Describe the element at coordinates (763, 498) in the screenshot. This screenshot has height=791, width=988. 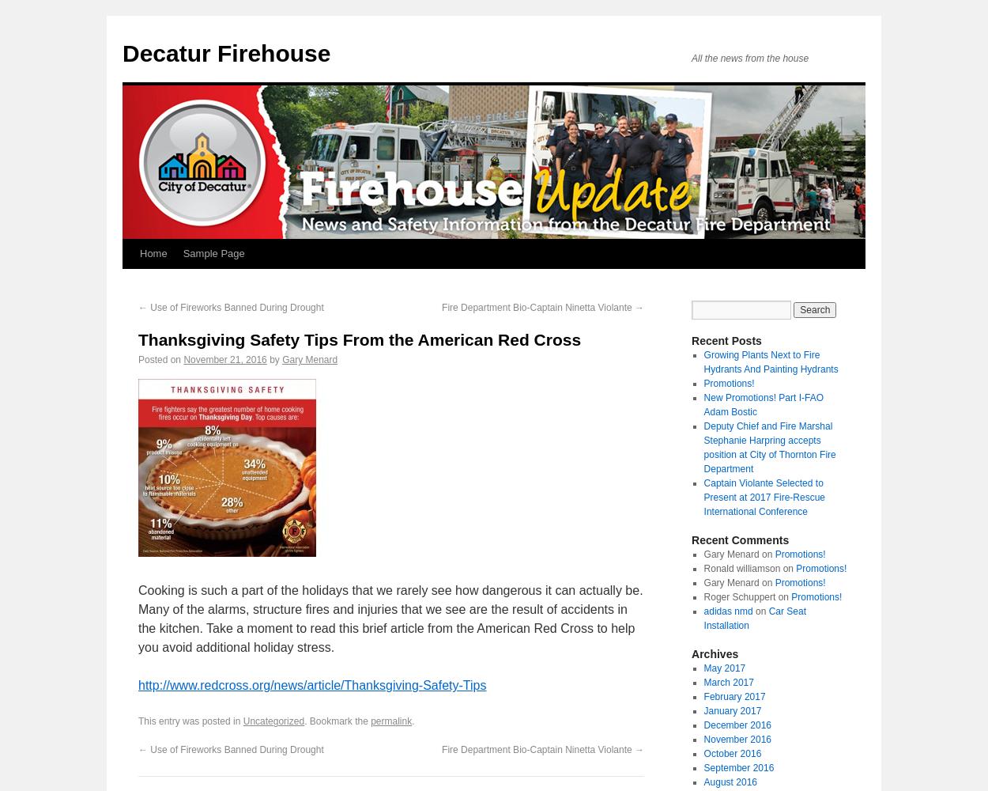
I see `'Captain Violante Selected to Present at 2017 Fire-Rescue International Conference'` at that location.